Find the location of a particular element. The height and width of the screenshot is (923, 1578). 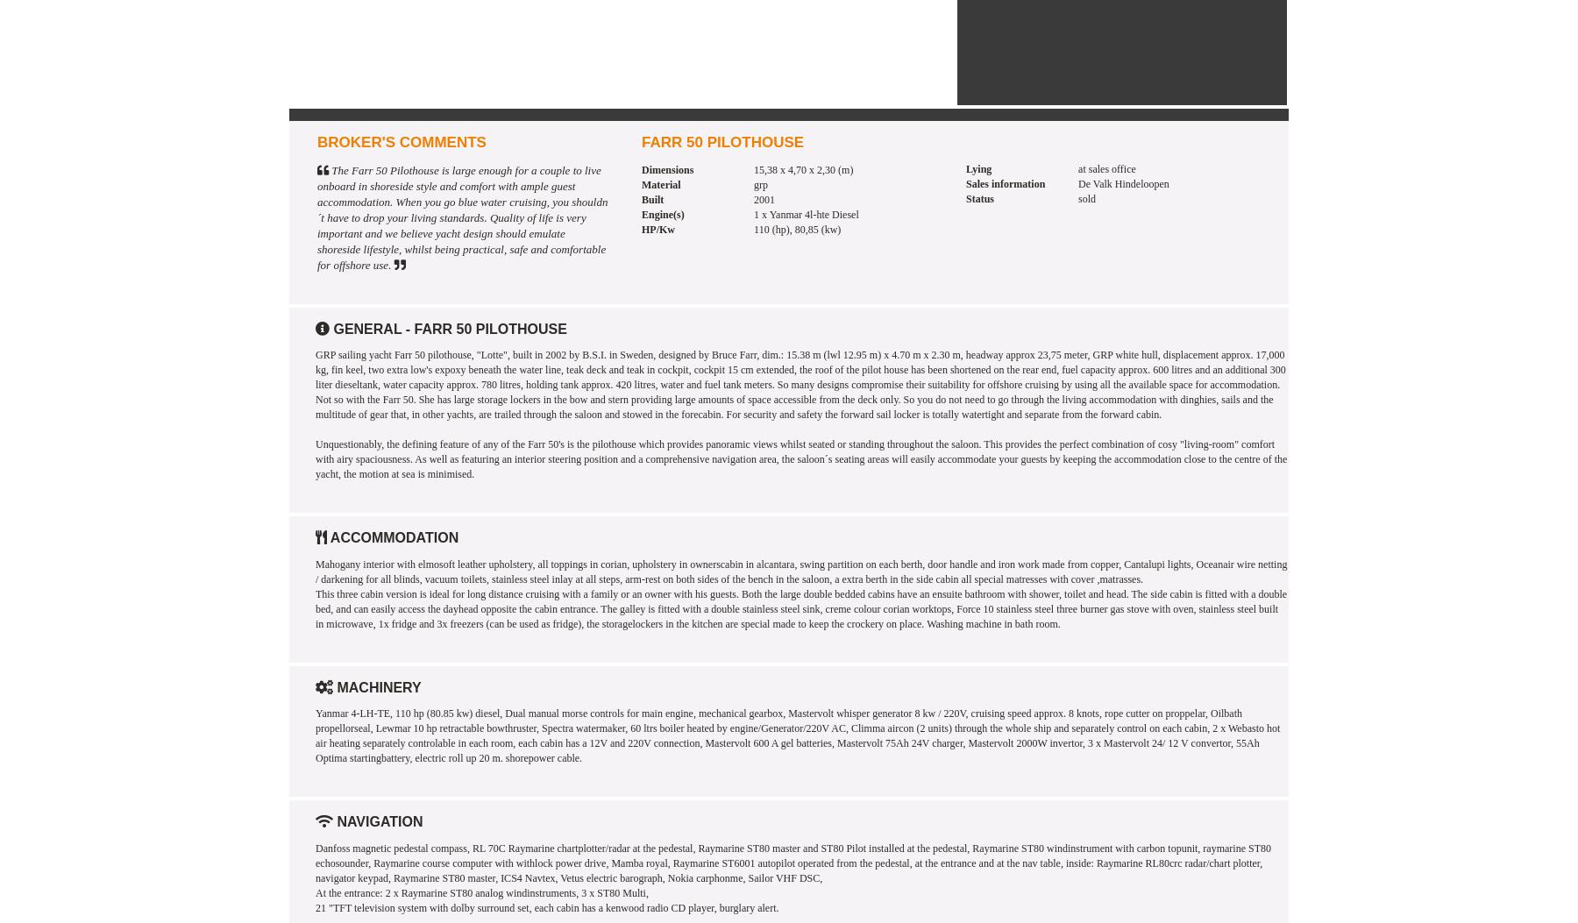

'Danfoss magnetic pedestal compass, RL 70C Raymarine chartplotter/radar at the pedestal, Raymarine ST80 master and ST80 Pilot installed at the pedestal, Raymarine ST80 windinstrument with carbon topunit,  raymarine ST80 echosounder, Raymarine course computer with withlock power drive, Mamba royal, Raymarine ST6001 autopilot operated from the pedestal, at the entrance and at the nav table, inside: Raymarine RL80crc radar/chart plotter, navigator keypad, Raymarine ST80 master, ICS4 Navtex, Vetus electric barograph, Nokia carphonme, Sailor VHF DSC,' is located at coordinates (792, 863).